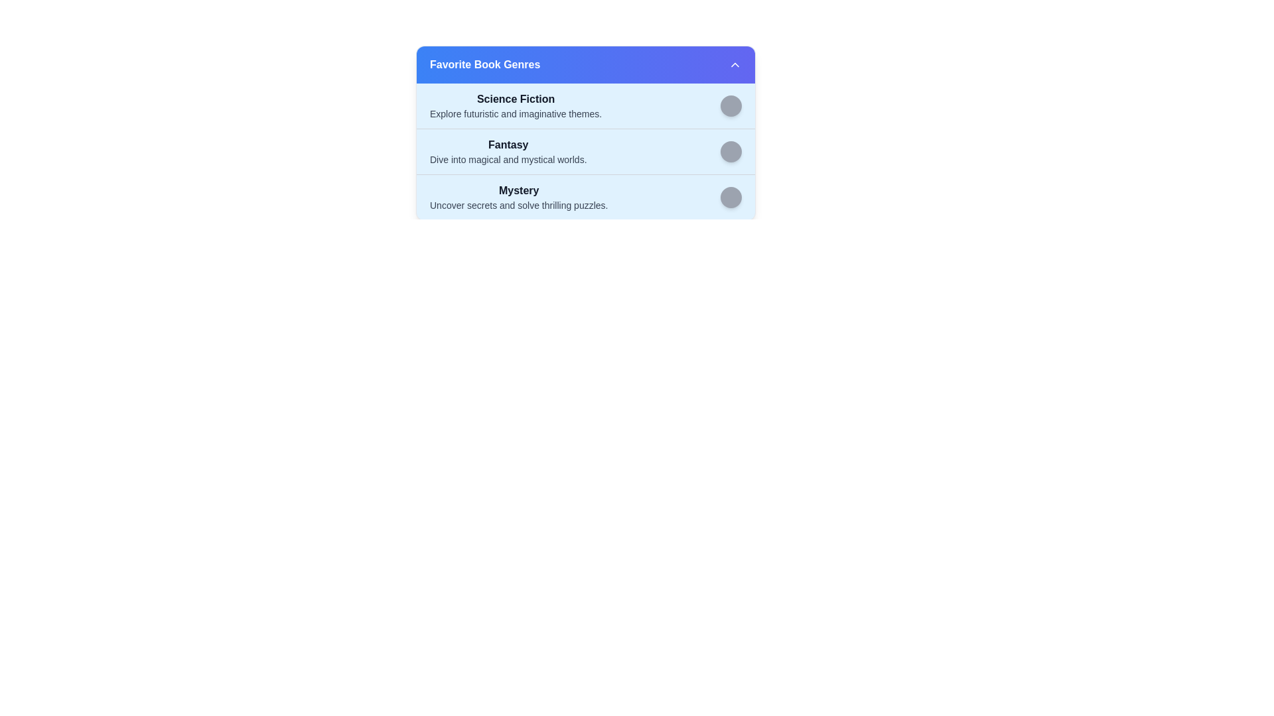 The height and width of the screenshot is (716, 1274). What do you see at coordinates (518, 205) in the screenshot?
I see `the text label displaying 'Uncover secrets and solve thrilling puzzles.' located below the heading 'Mystery' in the 'Favorite Book Genres' section` at bounding box center [518, 205].